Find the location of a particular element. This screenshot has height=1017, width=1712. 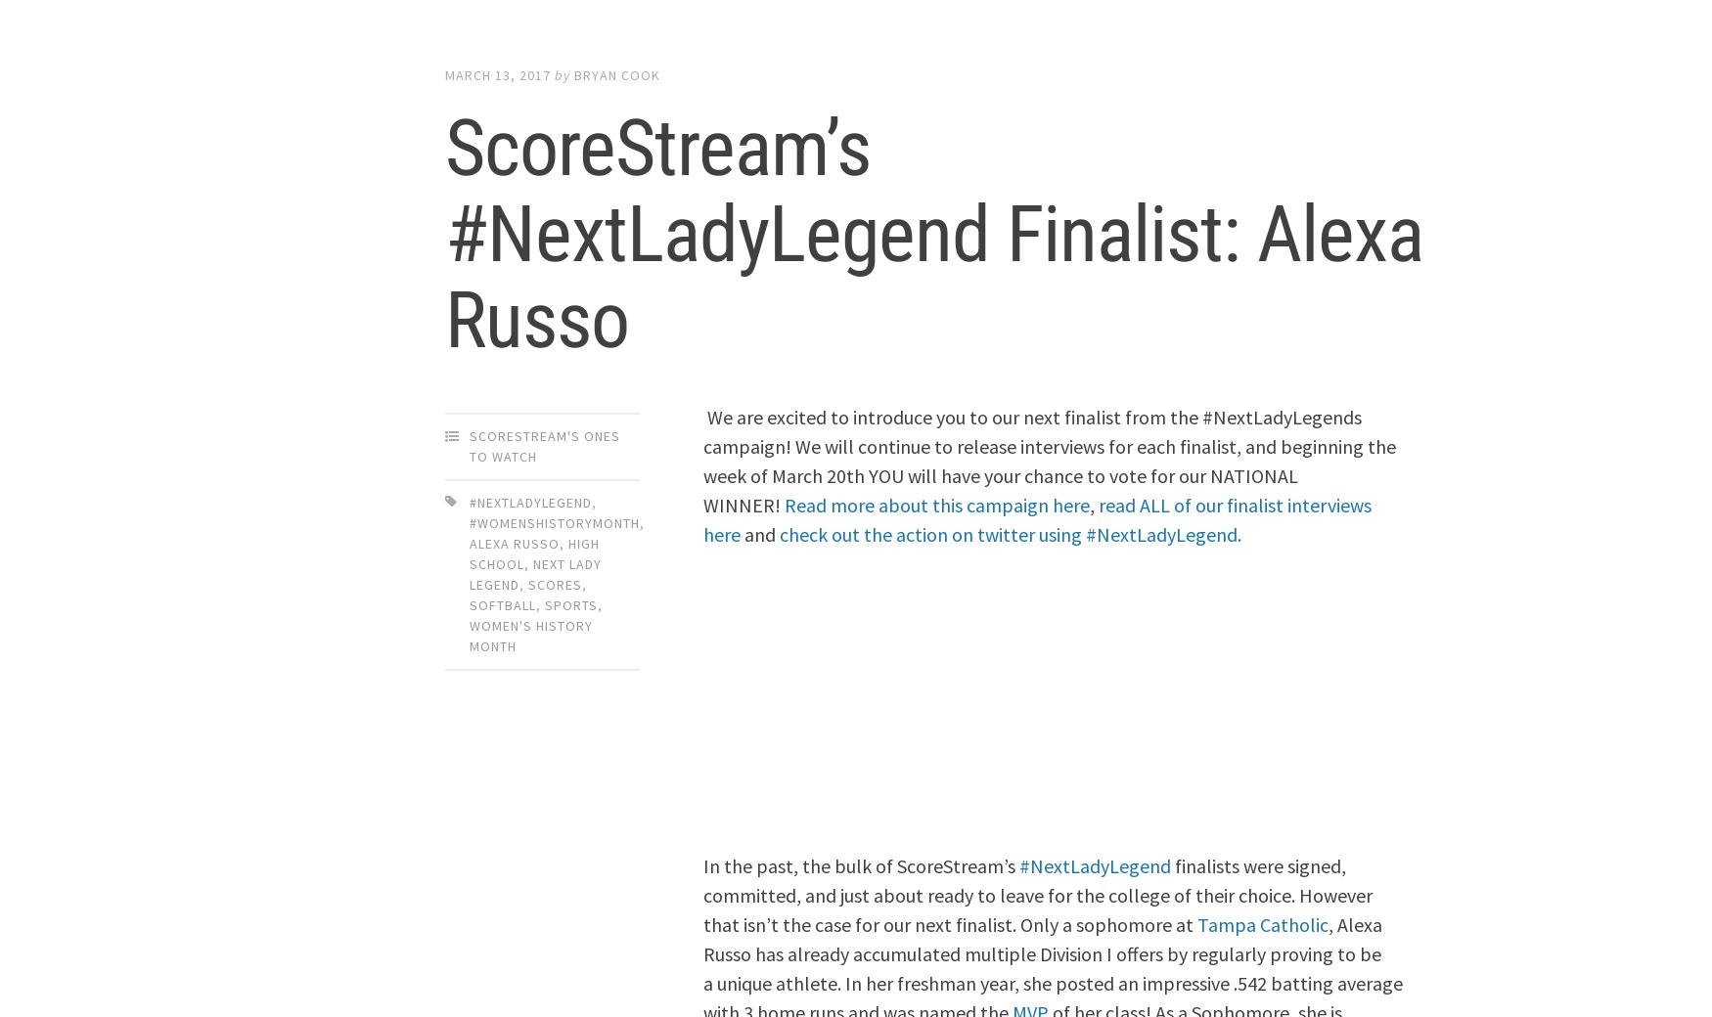

'and' is located at coordinates (740, 532).